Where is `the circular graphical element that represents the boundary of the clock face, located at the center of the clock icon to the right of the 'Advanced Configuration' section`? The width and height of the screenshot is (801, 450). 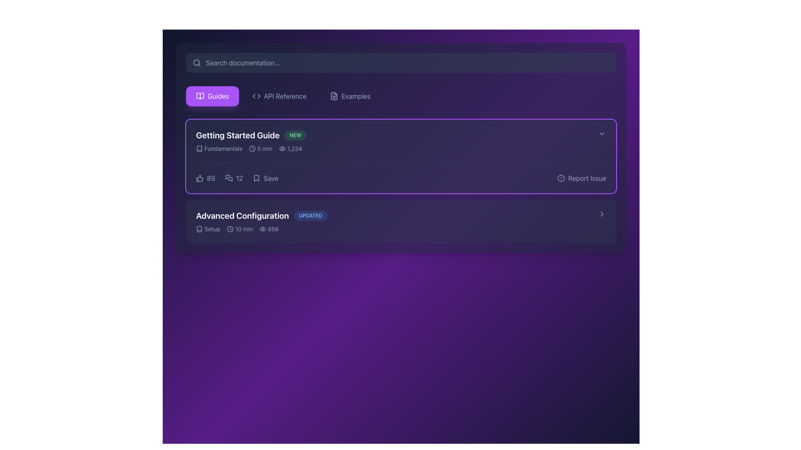 the circular graphical element that represents the boundary of the clock face, located at the center of the clock icon to the right of the 'Advanced Configuration' section is located at coordinates (230, 229).